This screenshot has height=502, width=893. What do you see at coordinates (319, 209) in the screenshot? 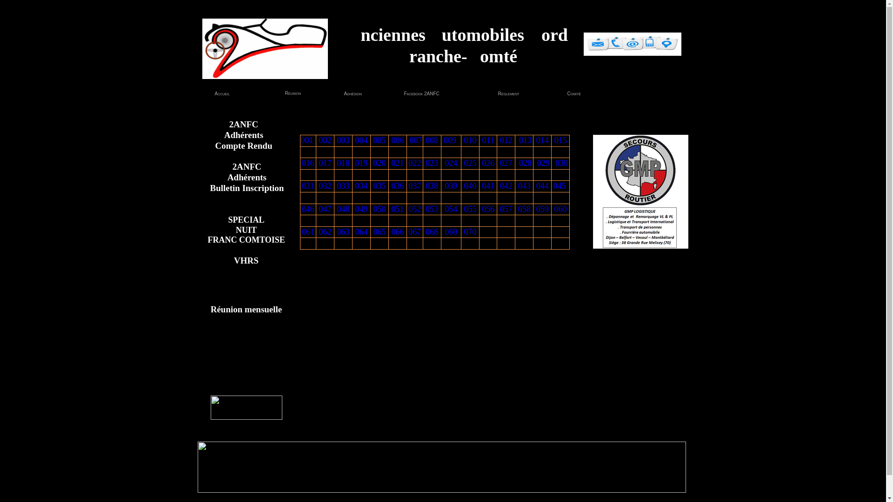
I see `'047'` at bounding box center [319, 209].